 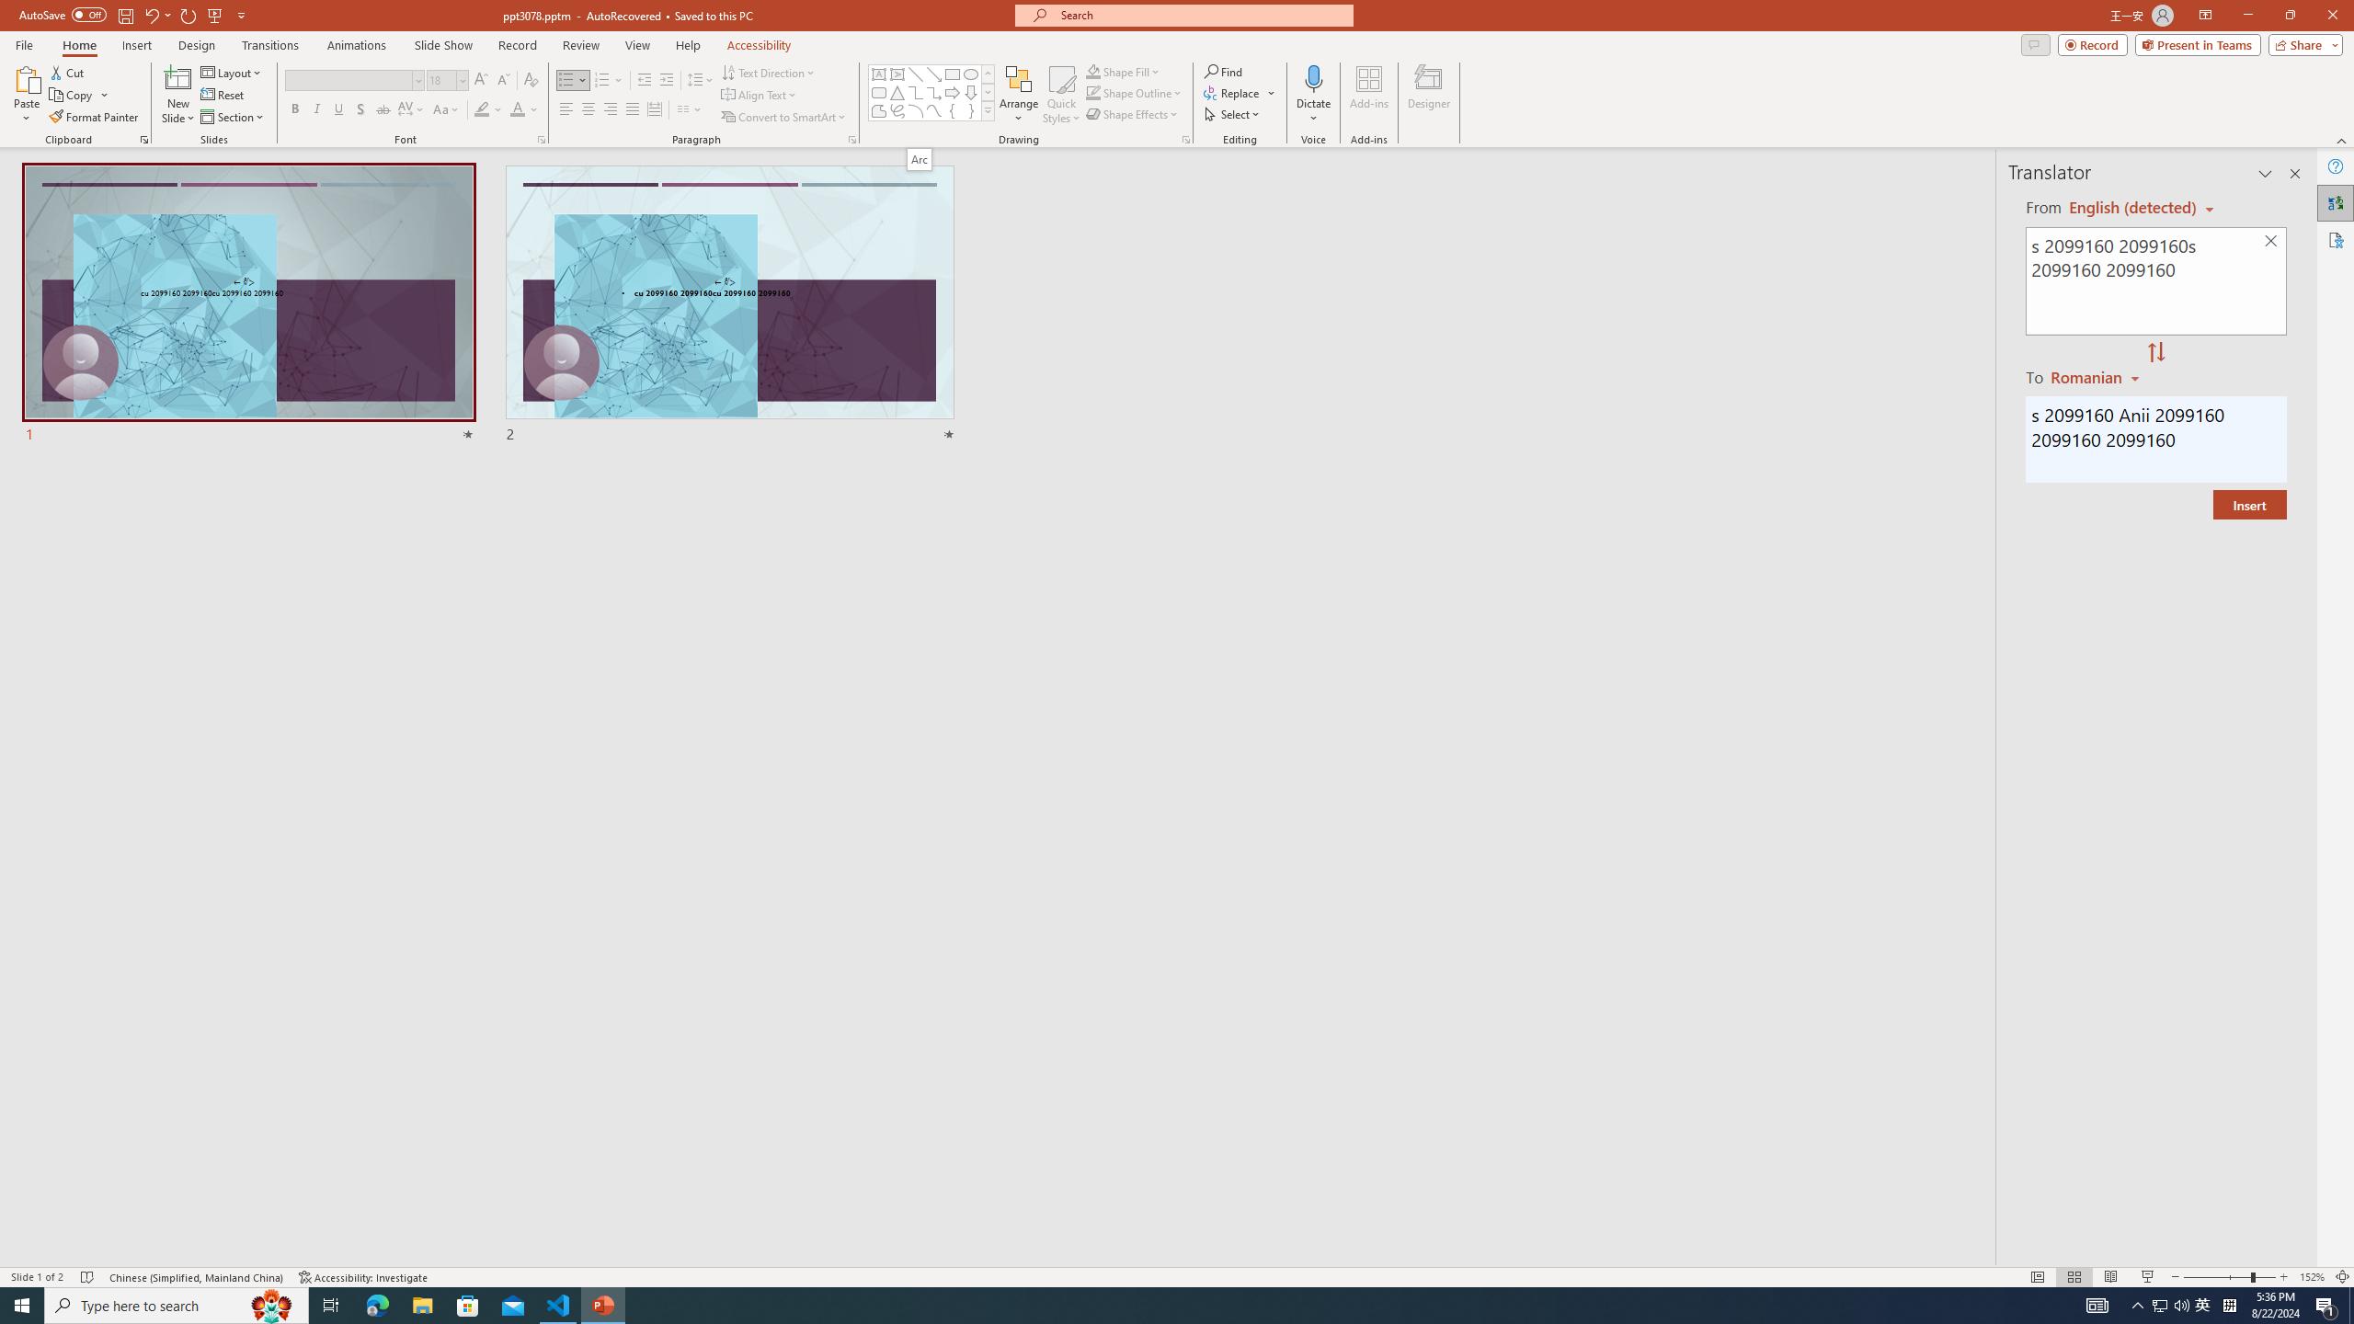 I want to click on 'Align Right', so click(x=611, y=108).